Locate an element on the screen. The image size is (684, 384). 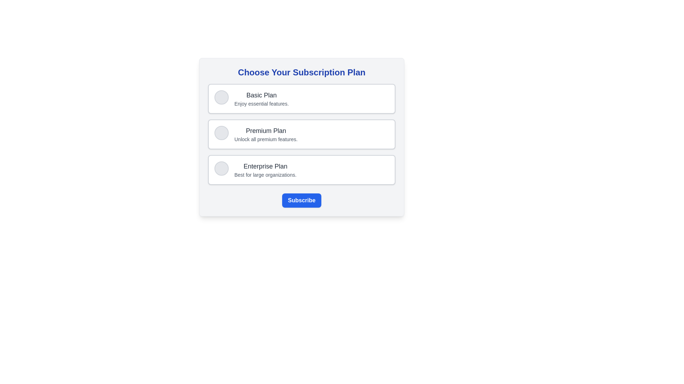
information in the Text block that describes the 'Enterprise Plan', located below the 'Premium Plan' in the subscription plans list is located at coordinates (265, 170).